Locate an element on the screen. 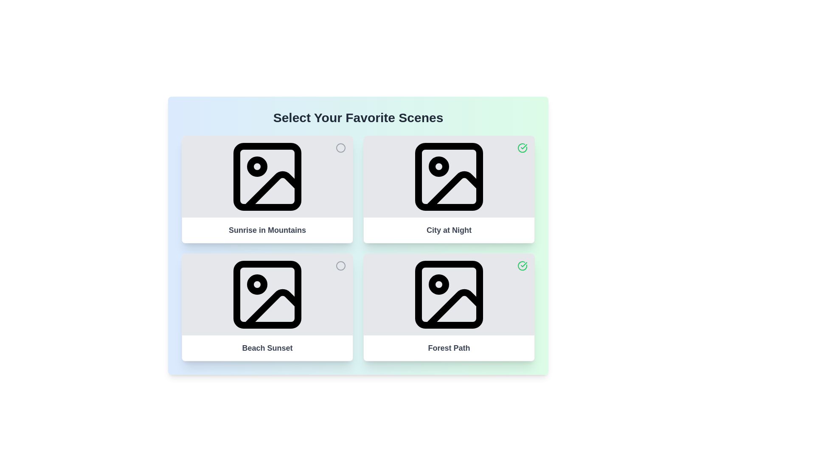  the media item City at Night is located at coordinates (522, 147).